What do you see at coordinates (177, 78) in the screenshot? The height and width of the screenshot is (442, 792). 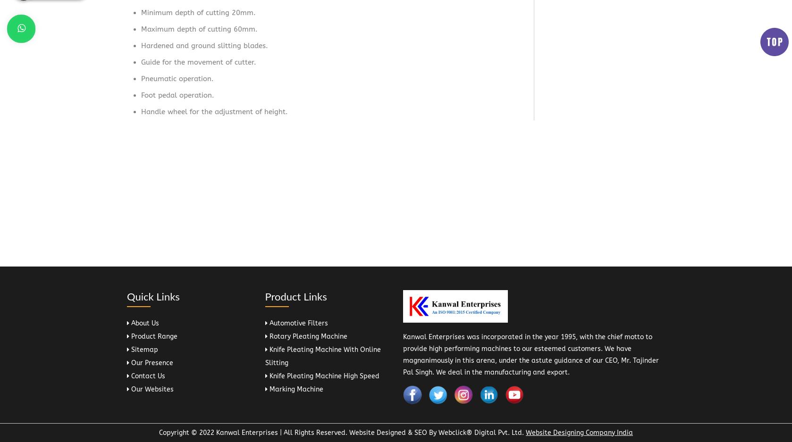 I see `'Pneumatic operation.'` at bounding box center [177, 78].